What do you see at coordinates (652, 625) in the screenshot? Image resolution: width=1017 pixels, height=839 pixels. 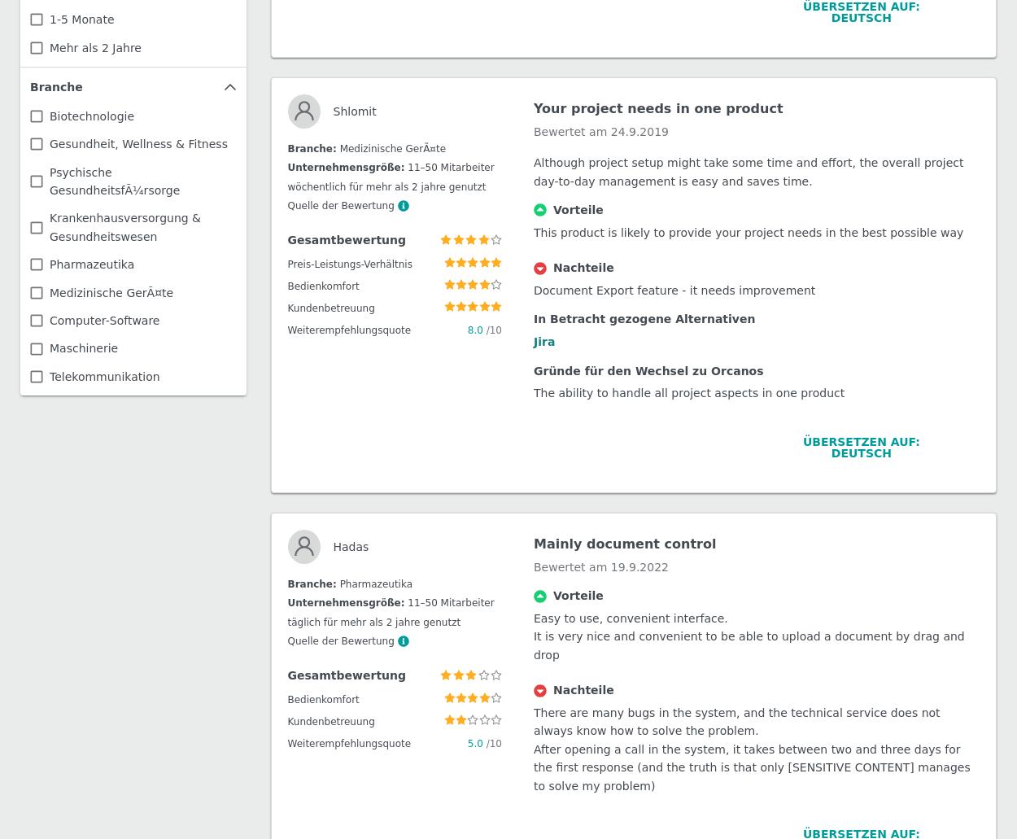 I see `'Excellent one stop shop product'` at bounding box center [652, 625].